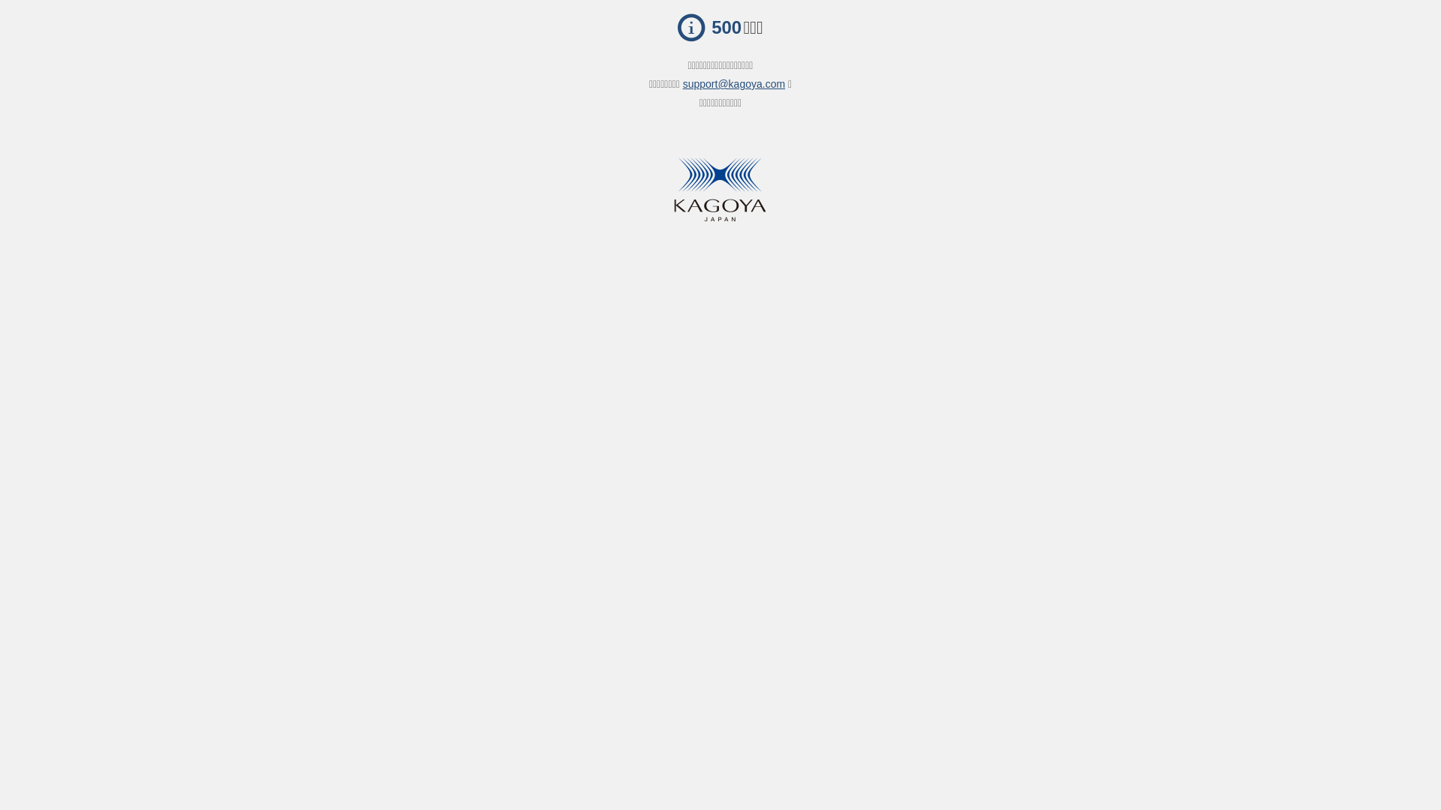 The height and width of the screenshot is (810, 1441). Describe the element at coordinates (734, 84) in the screenshot. I see `'support@kagoya.com'` at that location.